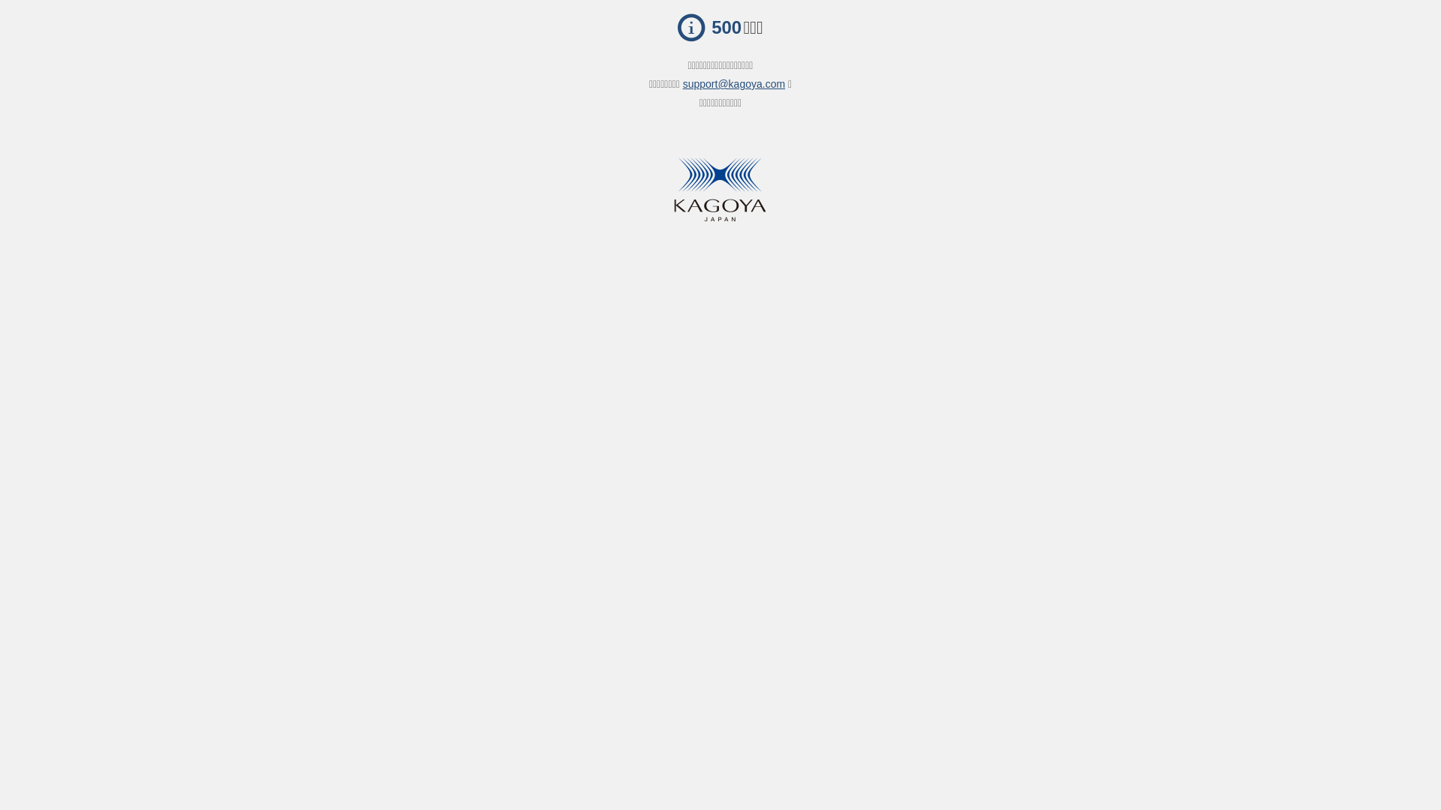 The height and width of the screenshot is (810, 1441). Describe the element at coordinates (734, 84) in the screenshot. I see `'support@kagoya.com'` at that location.